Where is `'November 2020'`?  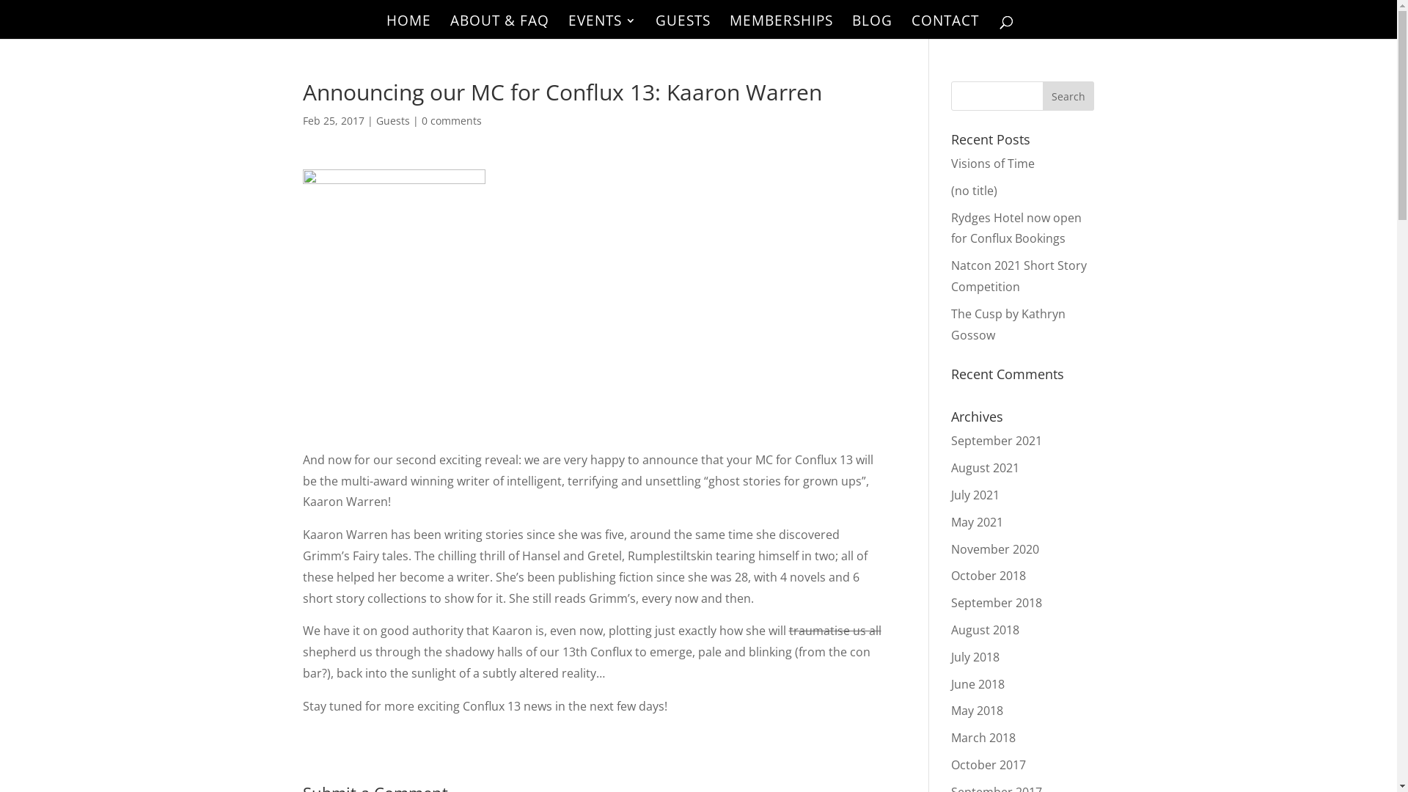
'November 2020' is located at coordinates (995, 549).